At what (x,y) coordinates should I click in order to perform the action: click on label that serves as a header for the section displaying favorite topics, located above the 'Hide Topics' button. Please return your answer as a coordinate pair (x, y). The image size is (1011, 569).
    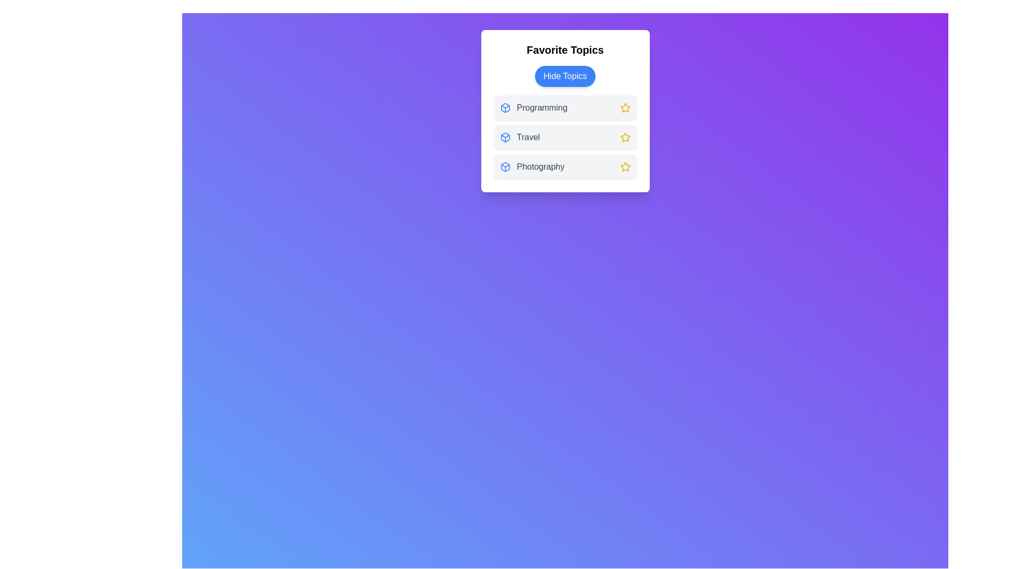
    Looking at the image, I should click on (564, 50).